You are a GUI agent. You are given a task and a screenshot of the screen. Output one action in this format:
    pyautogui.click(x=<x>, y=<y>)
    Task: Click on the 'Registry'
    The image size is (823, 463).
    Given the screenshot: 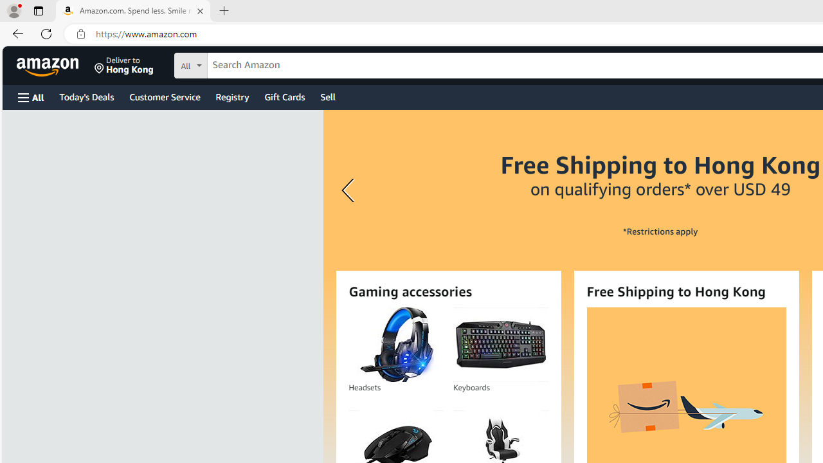 What is the action you would take?
    pyautogui.click(x=231, y=96)
    